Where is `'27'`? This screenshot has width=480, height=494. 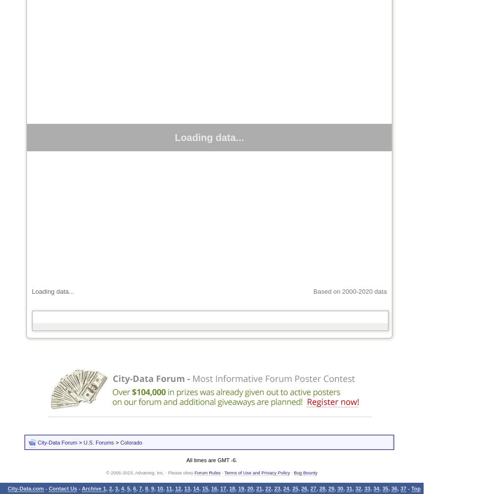 '27' is located at coordinates (312, 489).